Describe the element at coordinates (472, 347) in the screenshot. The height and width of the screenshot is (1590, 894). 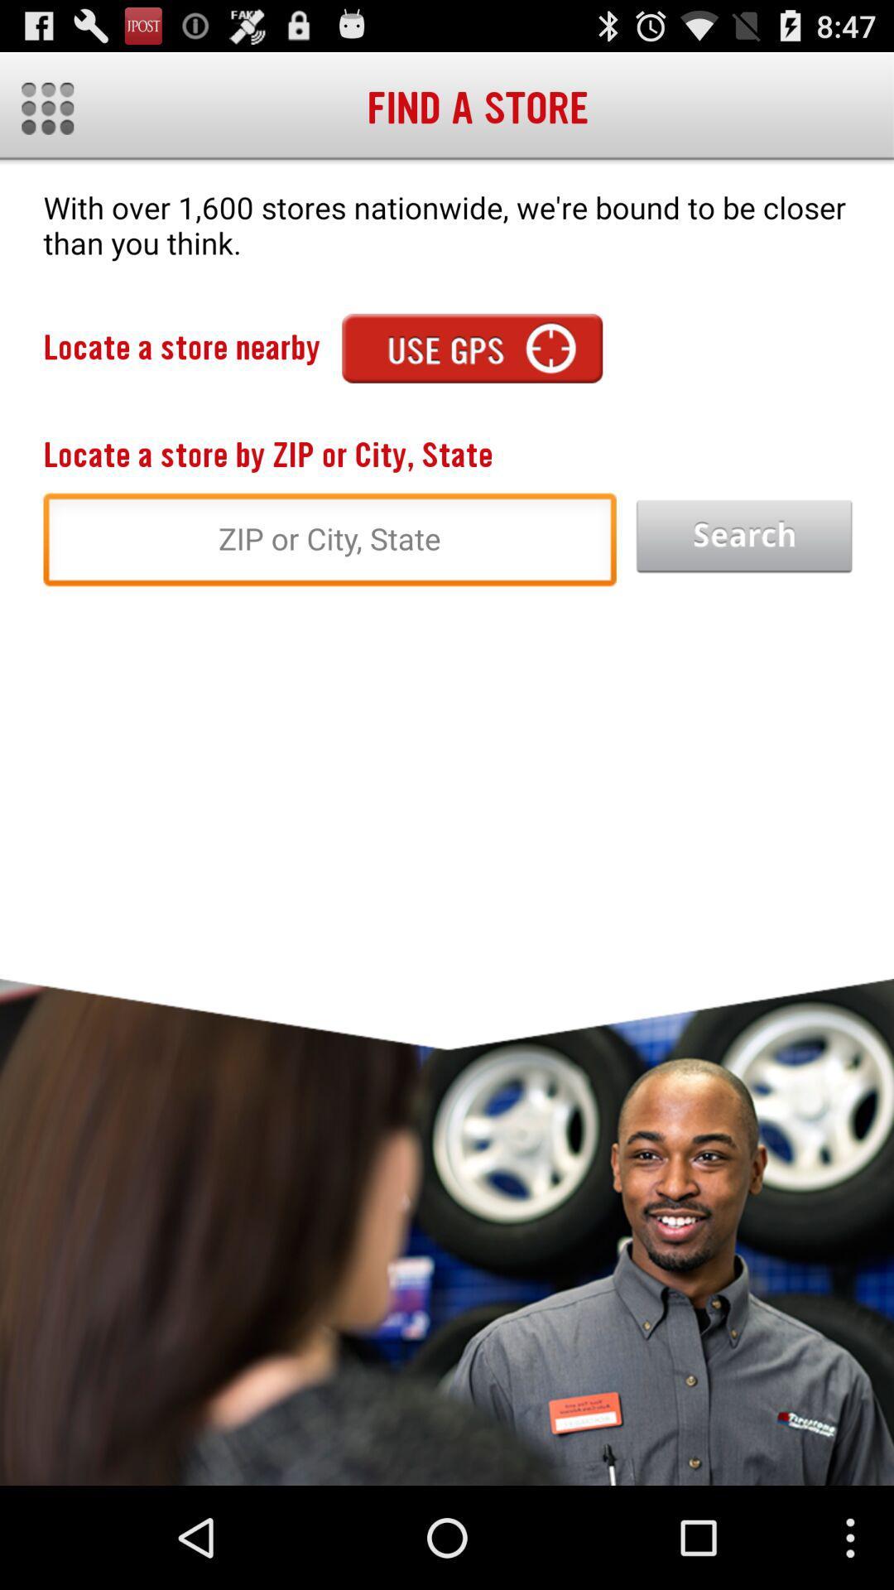
I see `app next to the locate a store icon` at that location.